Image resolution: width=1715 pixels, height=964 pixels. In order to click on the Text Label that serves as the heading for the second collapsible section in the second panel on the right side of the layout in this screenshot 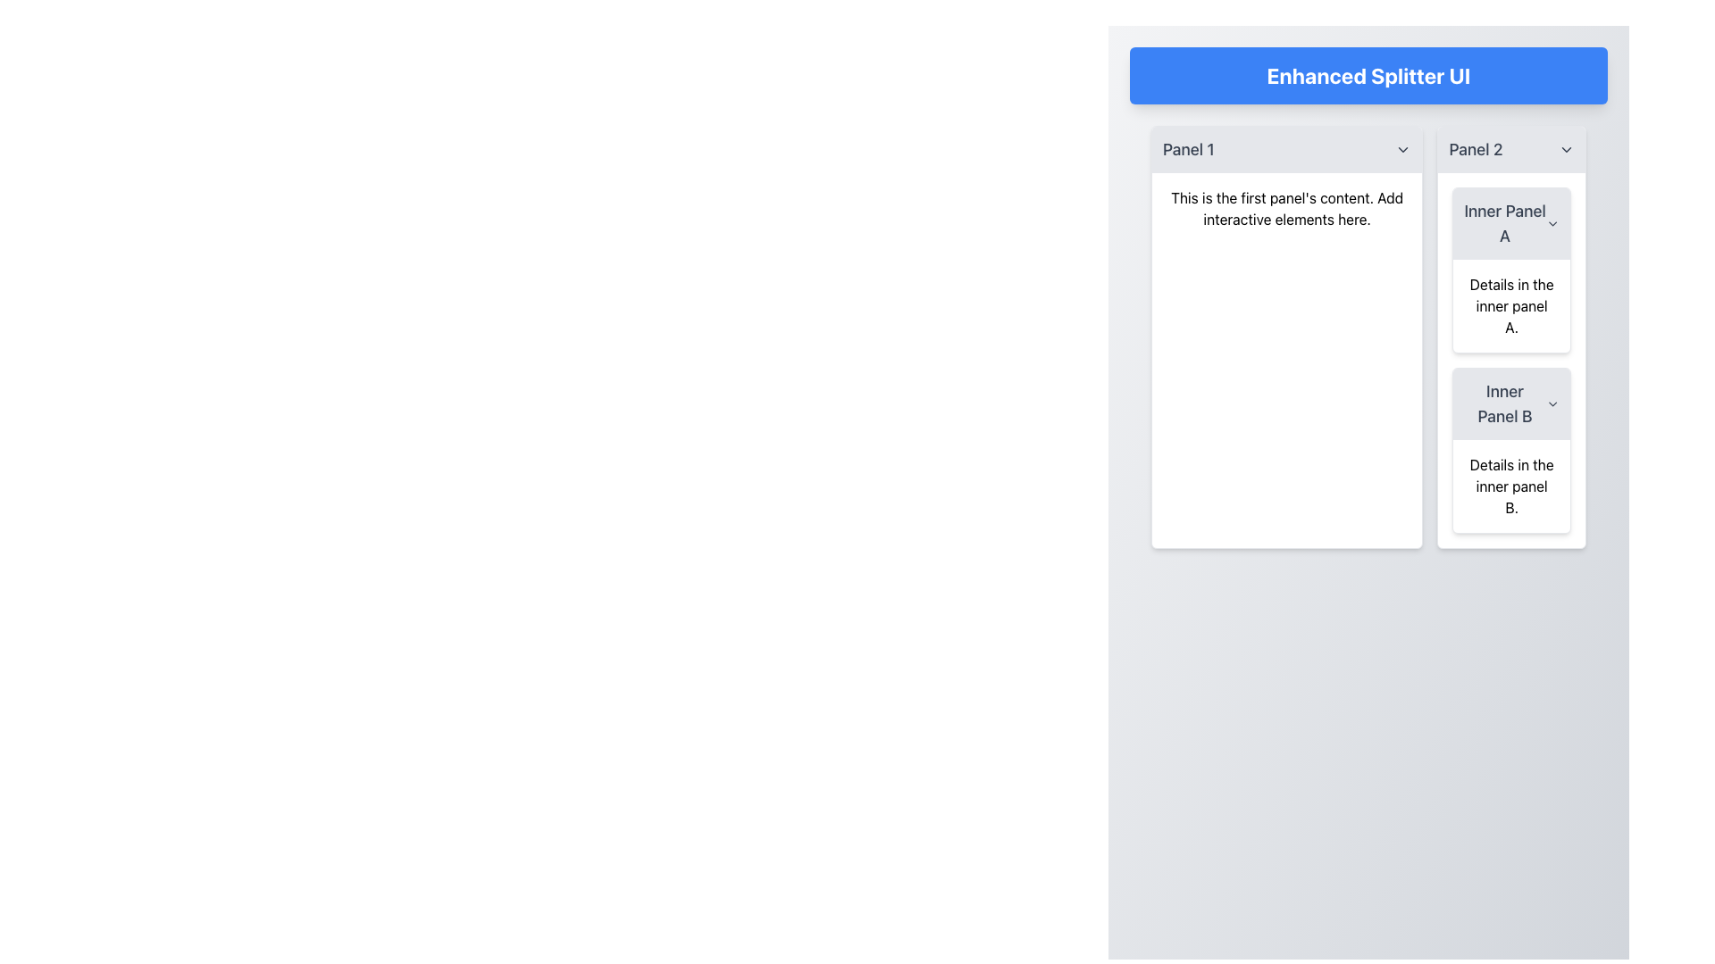, I will do `click(1503, 403)`.